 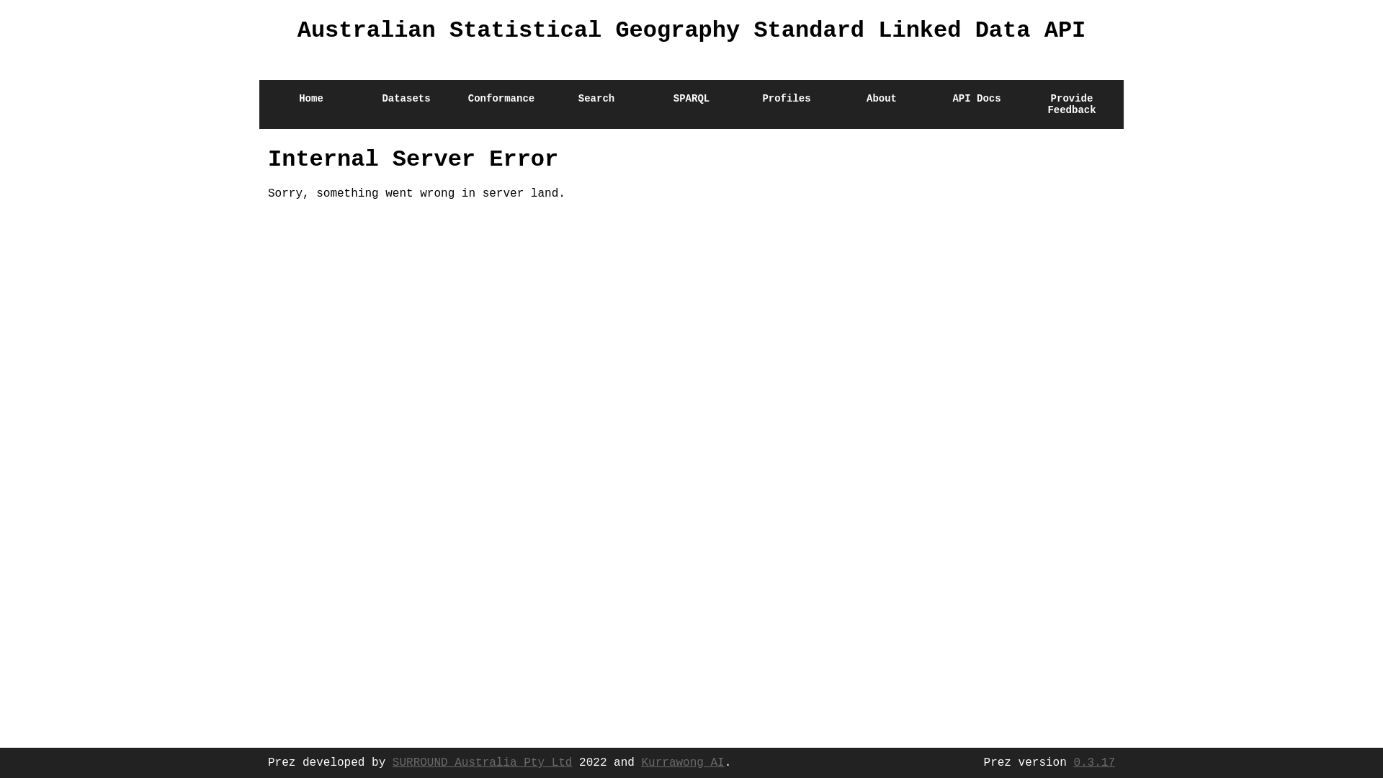 I want to click on 'Provide Feedback', so click(x=1072, y=104).